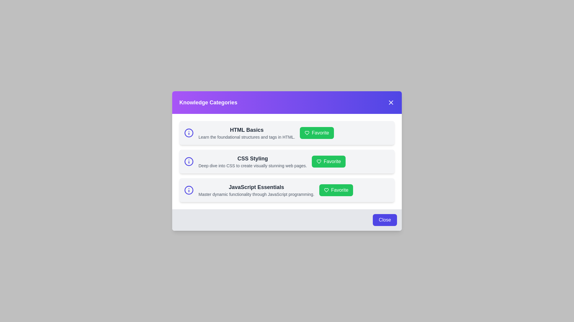 The width and height of the screenshot is (574, 322). I want to click on the heart icon outlined in green that symbolizes the 'favorite' action, located adjacent to the text 'Favorite' within a button-like structure, so click(326, 190).